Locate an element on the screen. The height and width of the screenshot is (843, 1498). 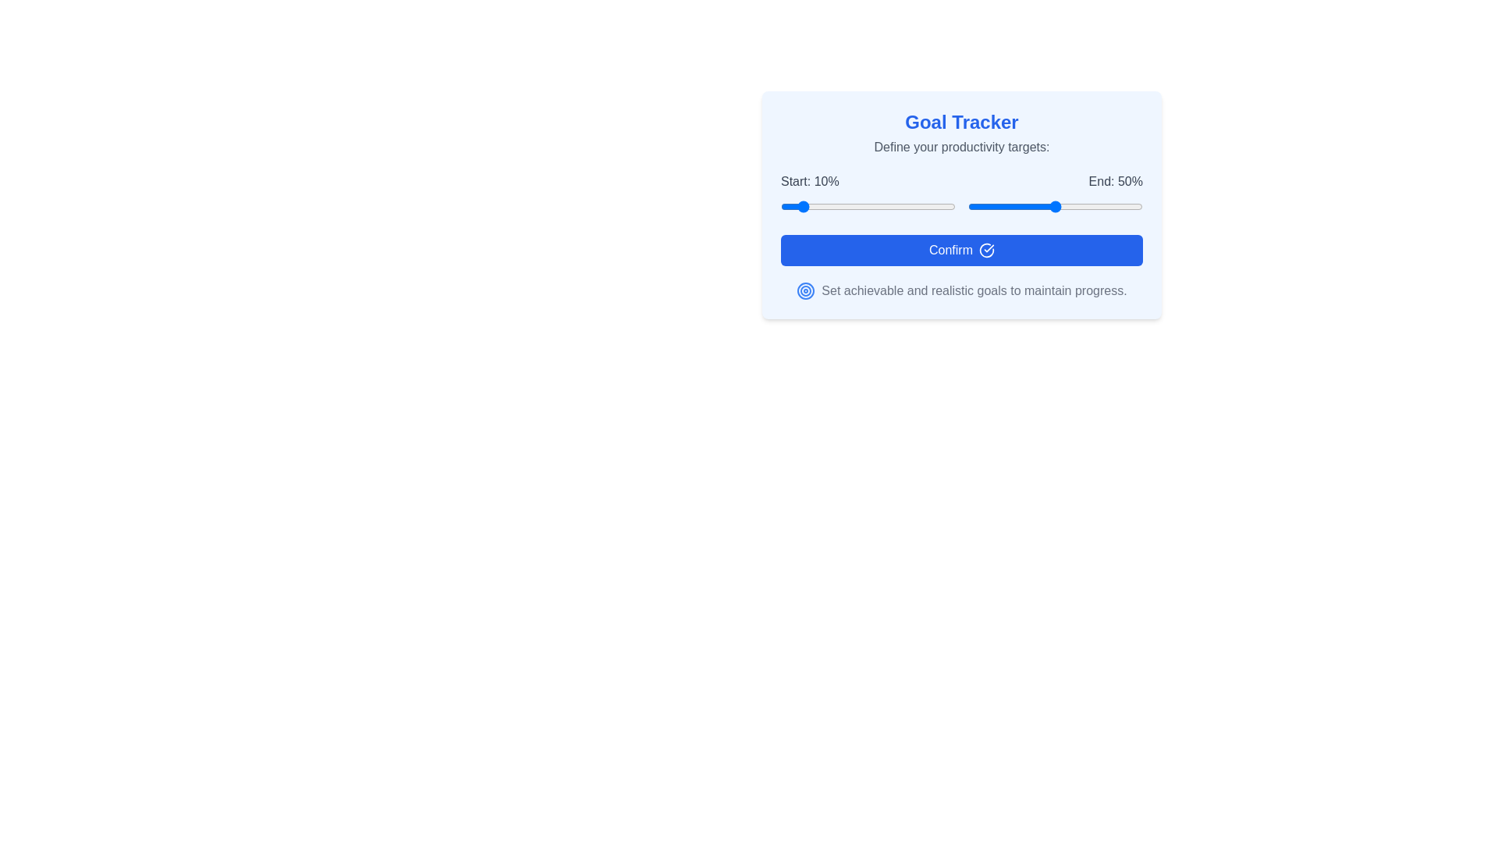
the slider value is located at coordinates (929, 206).